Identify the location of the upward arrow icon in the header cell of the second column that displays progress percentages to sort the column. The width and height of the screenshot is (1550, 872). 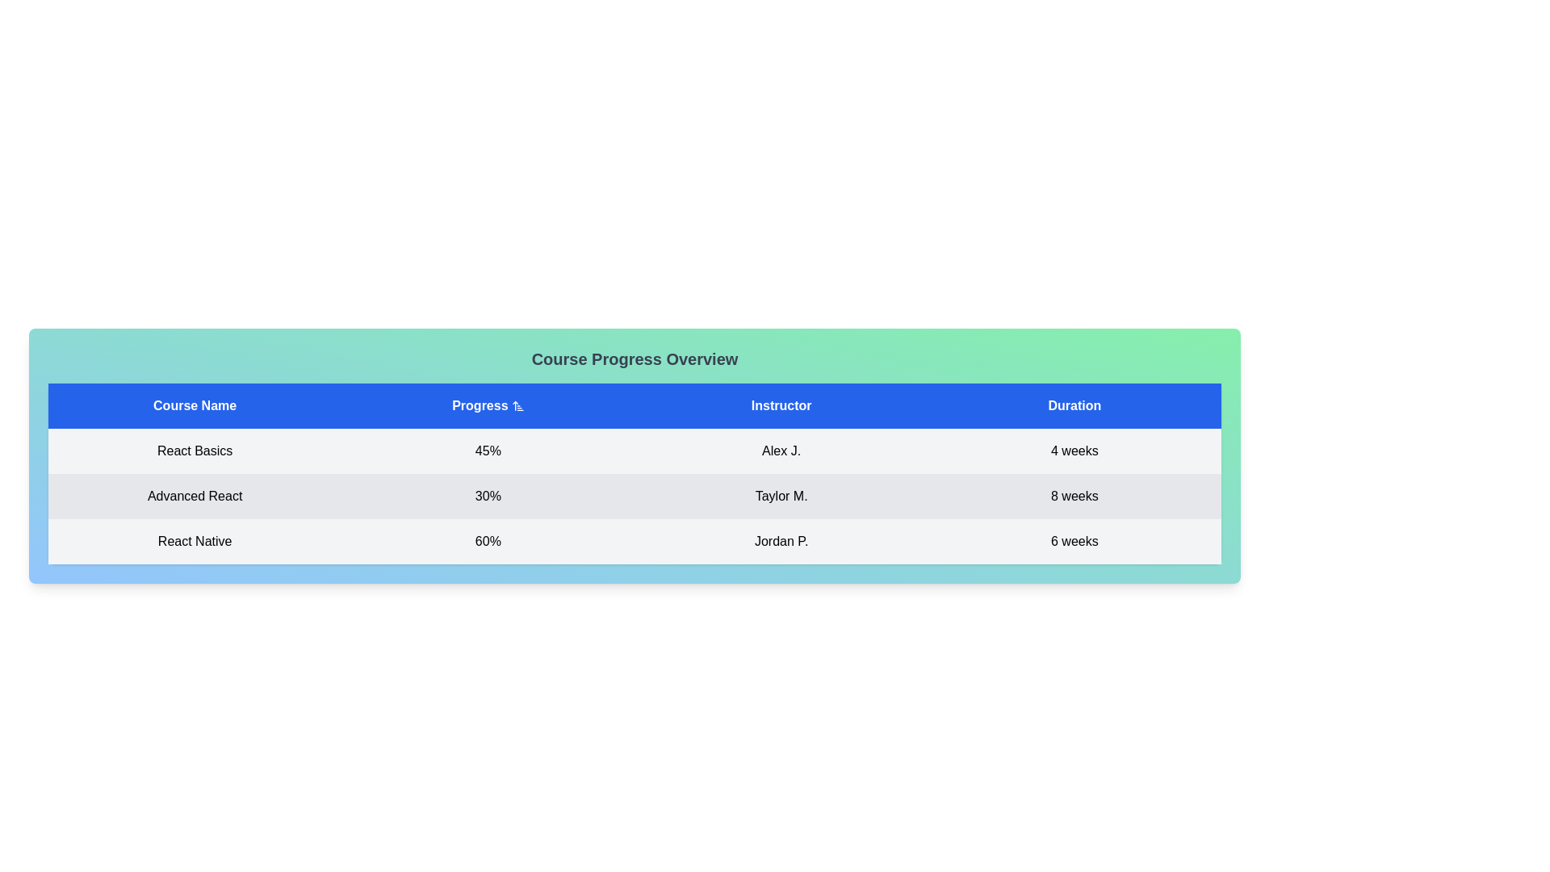
(487, 405).